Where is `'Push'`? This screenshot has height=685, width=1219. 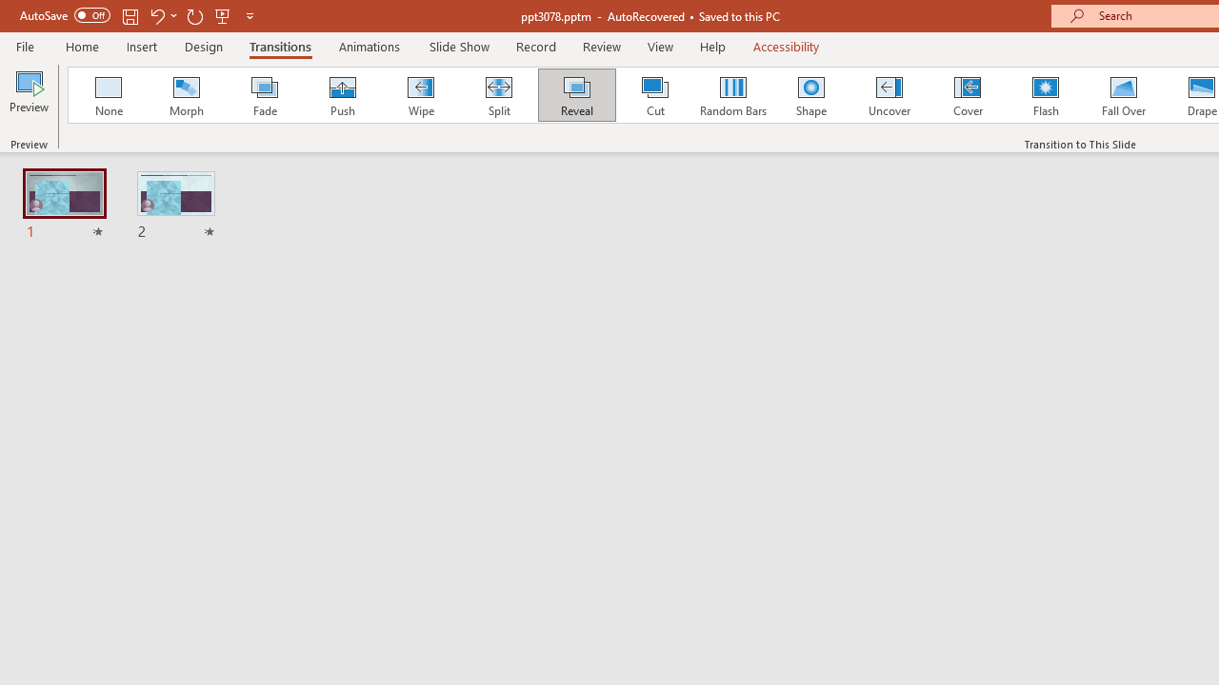 'Push' is located at coordinates (342, 95).